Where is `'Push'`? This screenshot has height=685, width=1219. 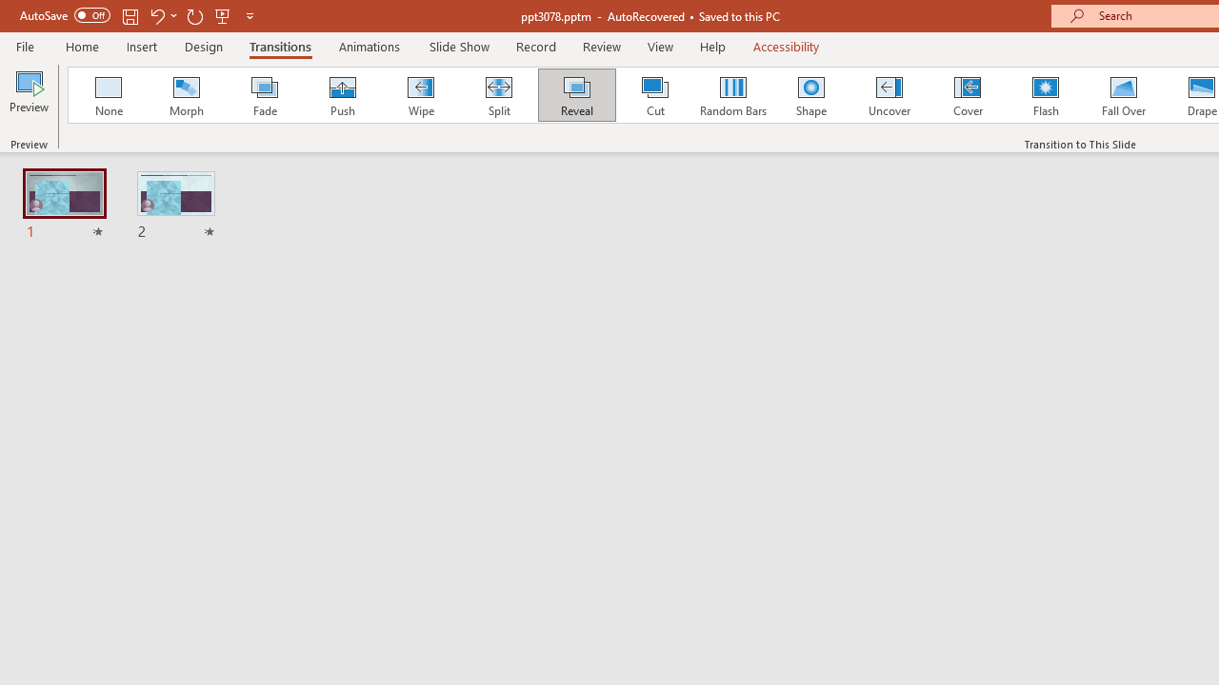 'Push' is located at coordinates (342, 95).